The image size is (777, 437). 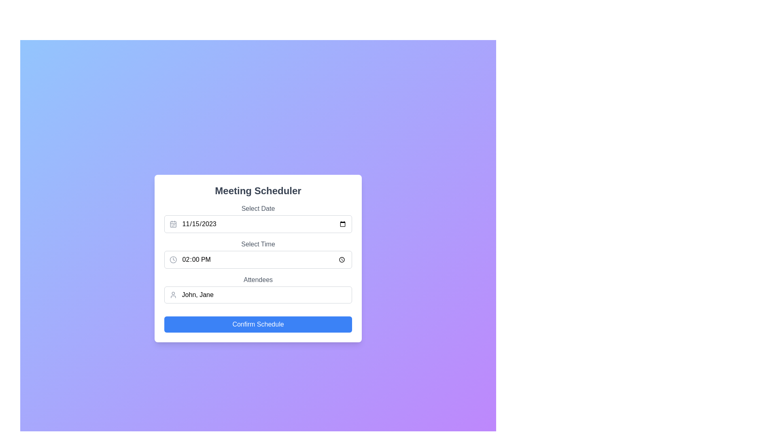 I want to click on the user icon, which is a light gray circular and vertical line design representing a person's head and shoulders, located at the beginning of the attendee input field adjacent to the names 'John, Jane', so click(x=173, y=295).